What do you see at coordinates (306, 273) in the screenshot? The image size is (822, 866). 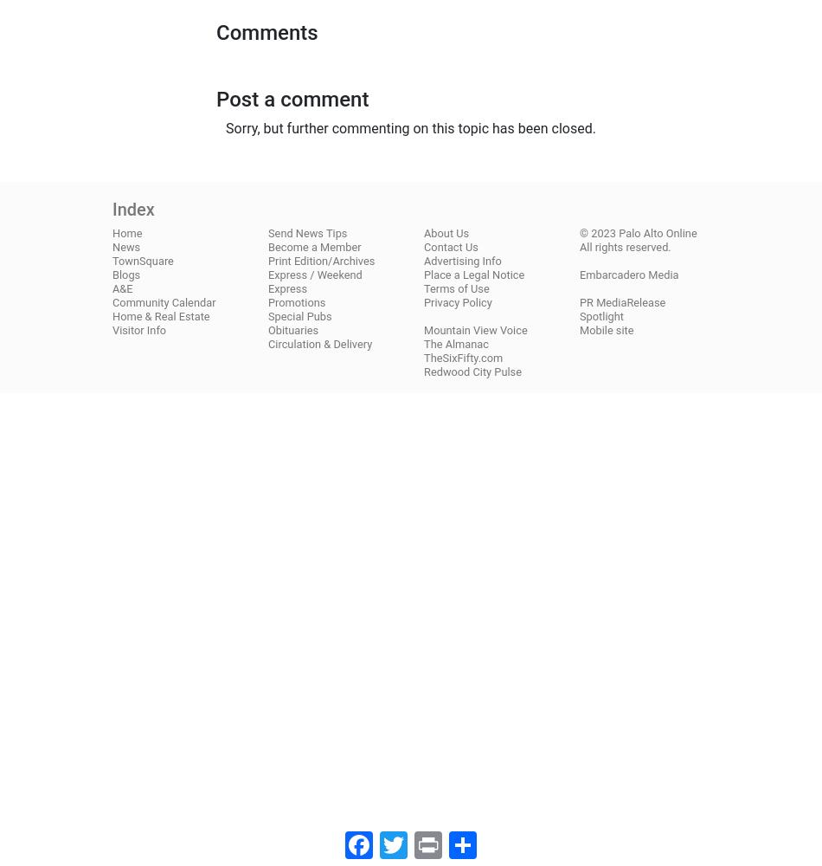 I see `'/'` at bounding box center [306, 273].